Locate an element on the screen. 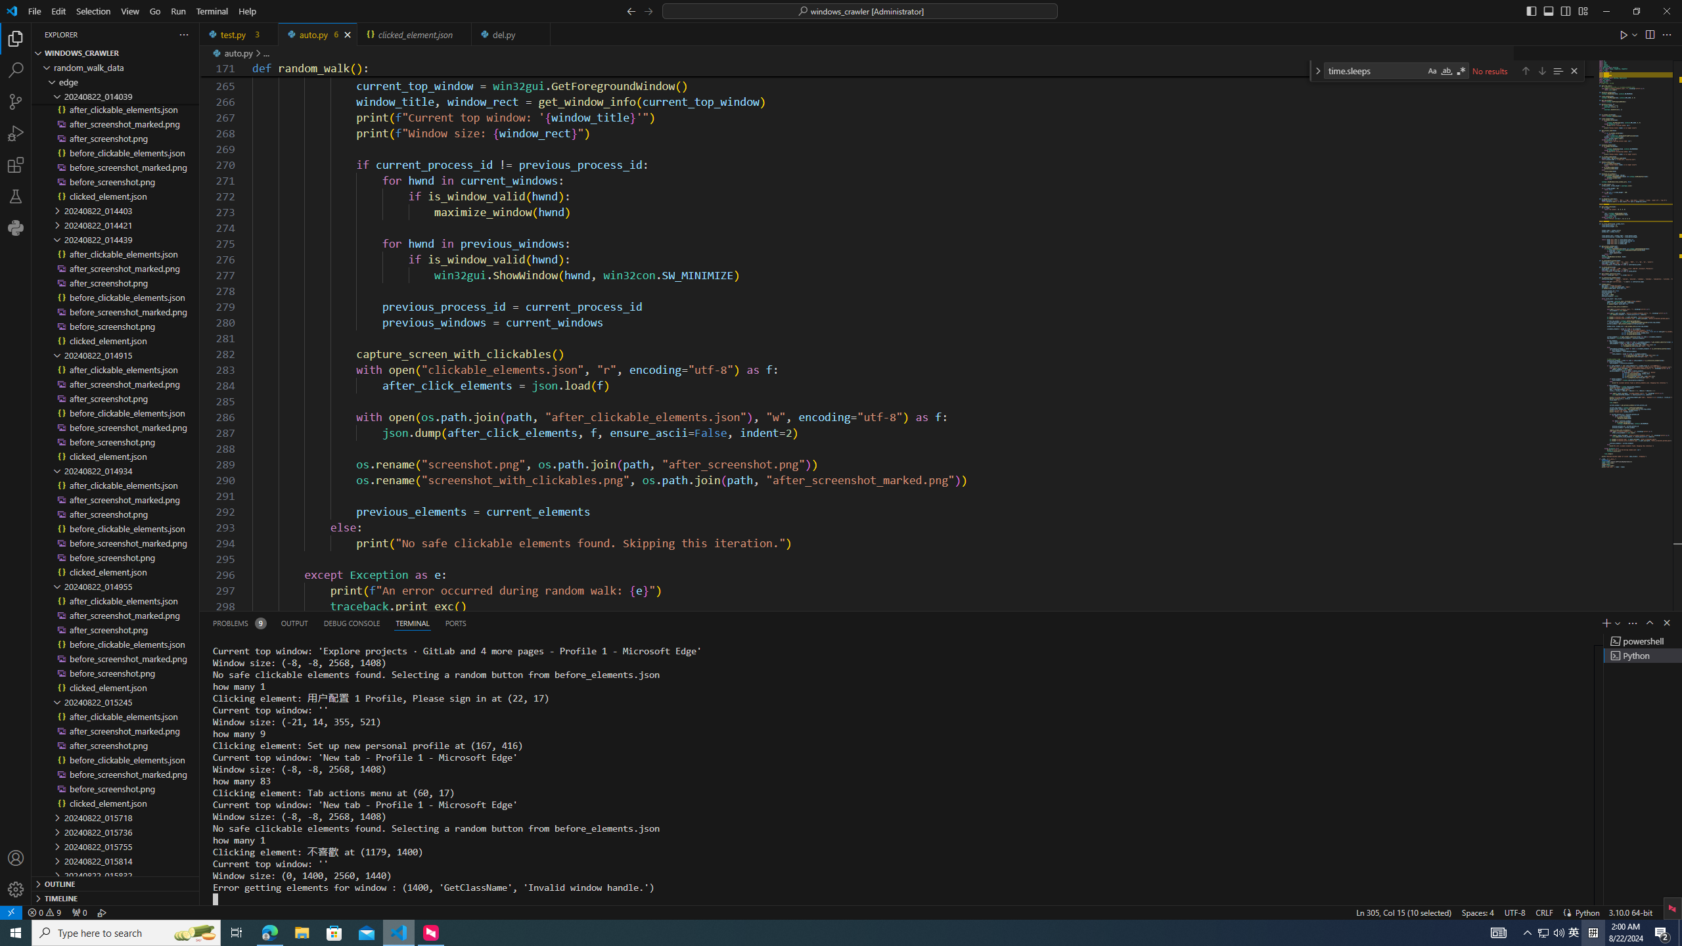 This screenshot has width=1682, height=946. 'Terminal 5 Python' is located at coordinates (1643, 654).